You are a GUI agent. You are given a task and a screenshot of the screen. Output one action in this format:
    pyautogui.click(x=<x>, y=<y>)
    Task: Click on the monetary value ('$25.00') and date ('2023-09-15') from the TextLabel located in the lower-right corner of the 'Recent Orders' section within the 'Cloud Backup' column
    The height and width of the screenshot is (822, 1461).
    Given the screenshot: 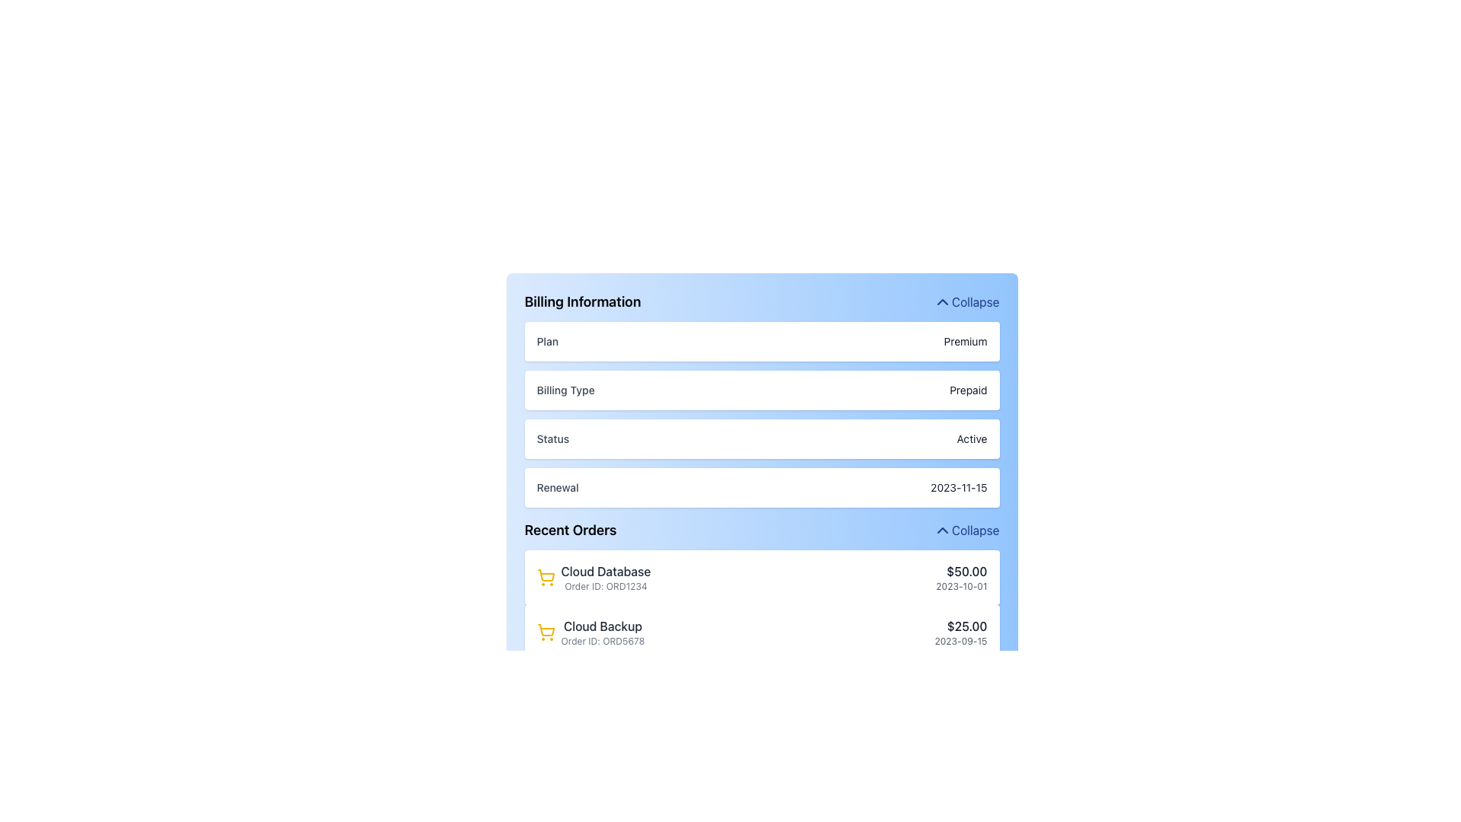 What is the action you would take?
    pyautogui.click(x=960, y=632)
    